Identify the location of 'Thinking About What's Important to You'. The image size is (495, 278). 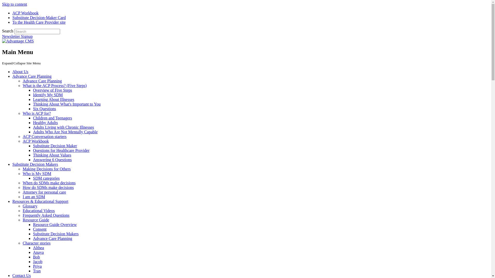
(67, 104).